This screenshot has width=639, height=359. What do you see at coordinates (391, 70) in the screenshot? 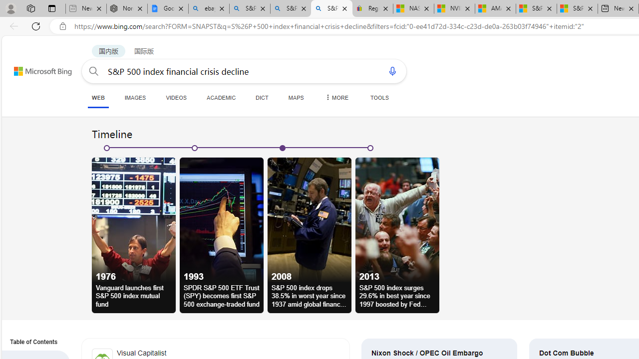
I see `'Search using voice'` at bounding box center [391, 70].